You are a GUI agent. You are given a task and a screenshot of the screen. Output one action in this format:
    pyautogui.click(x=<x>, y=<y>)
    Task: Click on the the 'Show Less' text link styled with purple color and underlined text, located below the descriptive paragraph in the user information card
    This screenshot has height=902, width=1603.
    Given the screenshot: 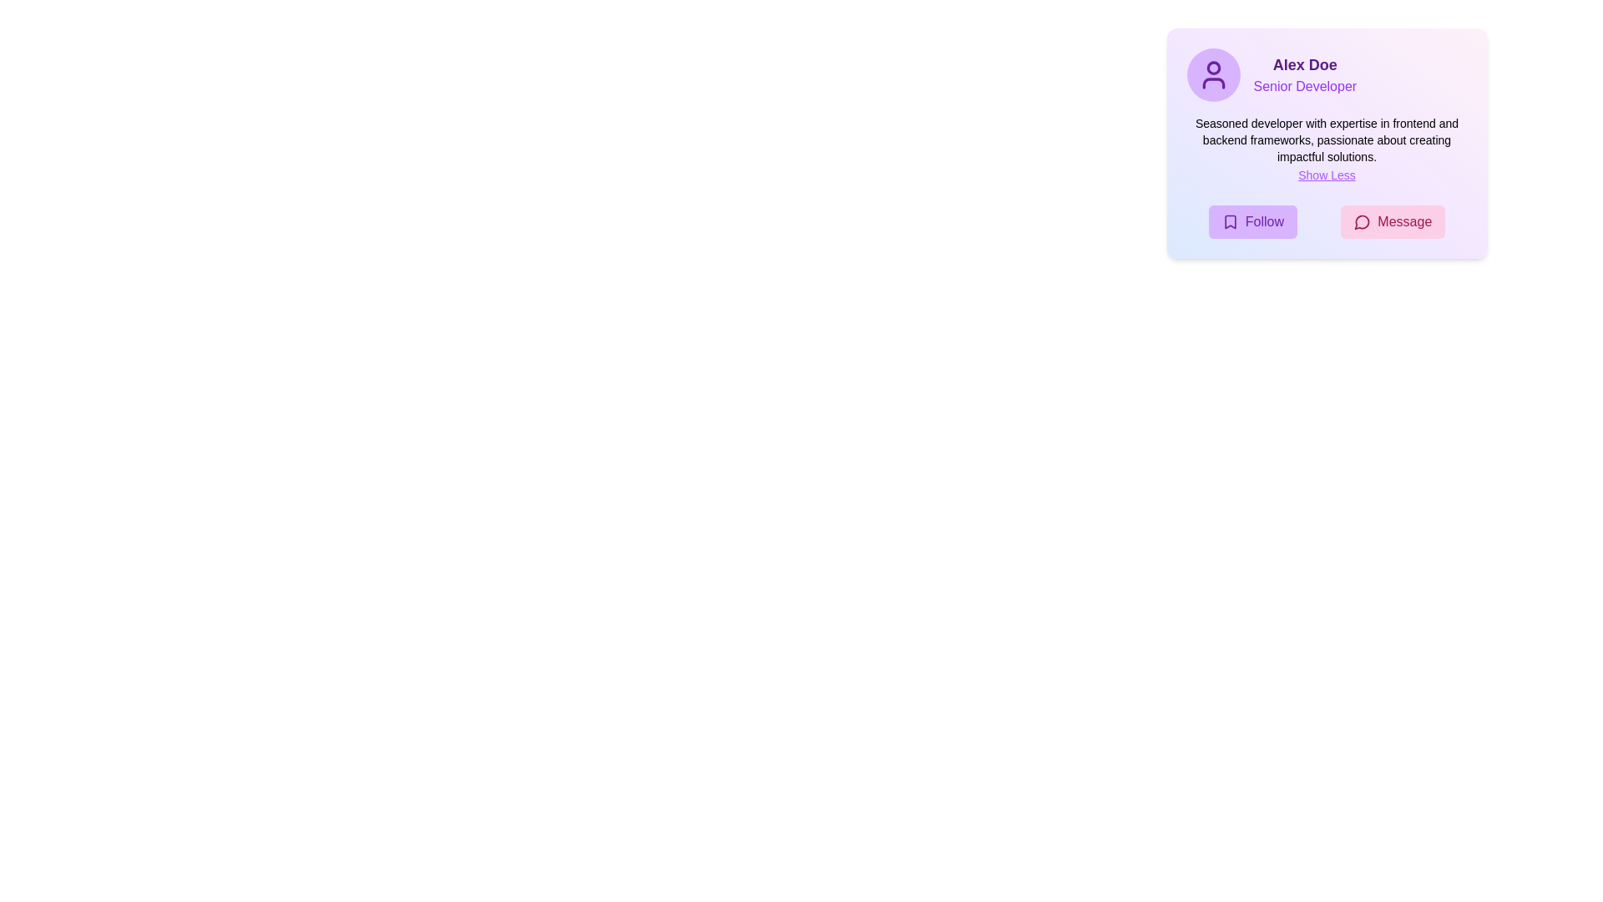 What is the action you would take?
    pyautogui.click(x=1326, y=175)
    